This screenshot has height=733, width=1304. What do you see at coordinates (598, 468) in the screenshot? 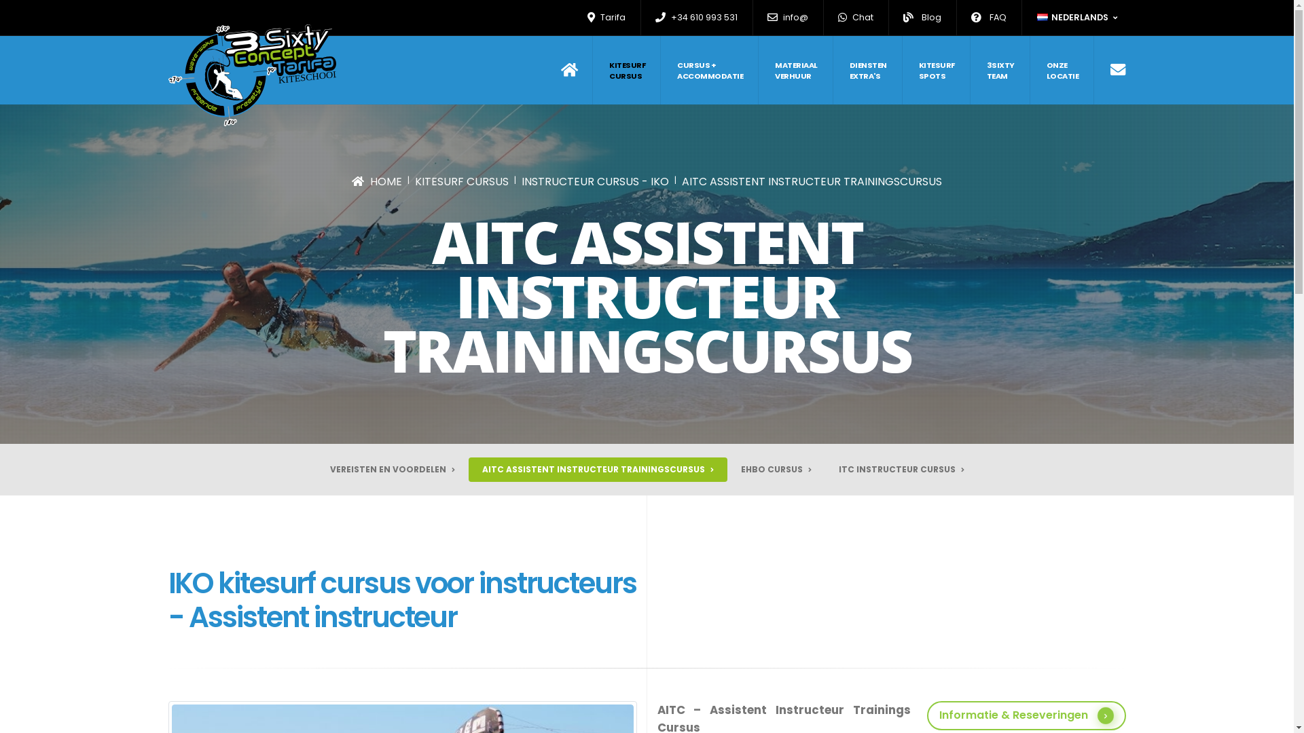
I see `'AITC ASSISTENT INSTRUCTEUR TRAININGSCURSUS'` at bounding box center [598, 468].